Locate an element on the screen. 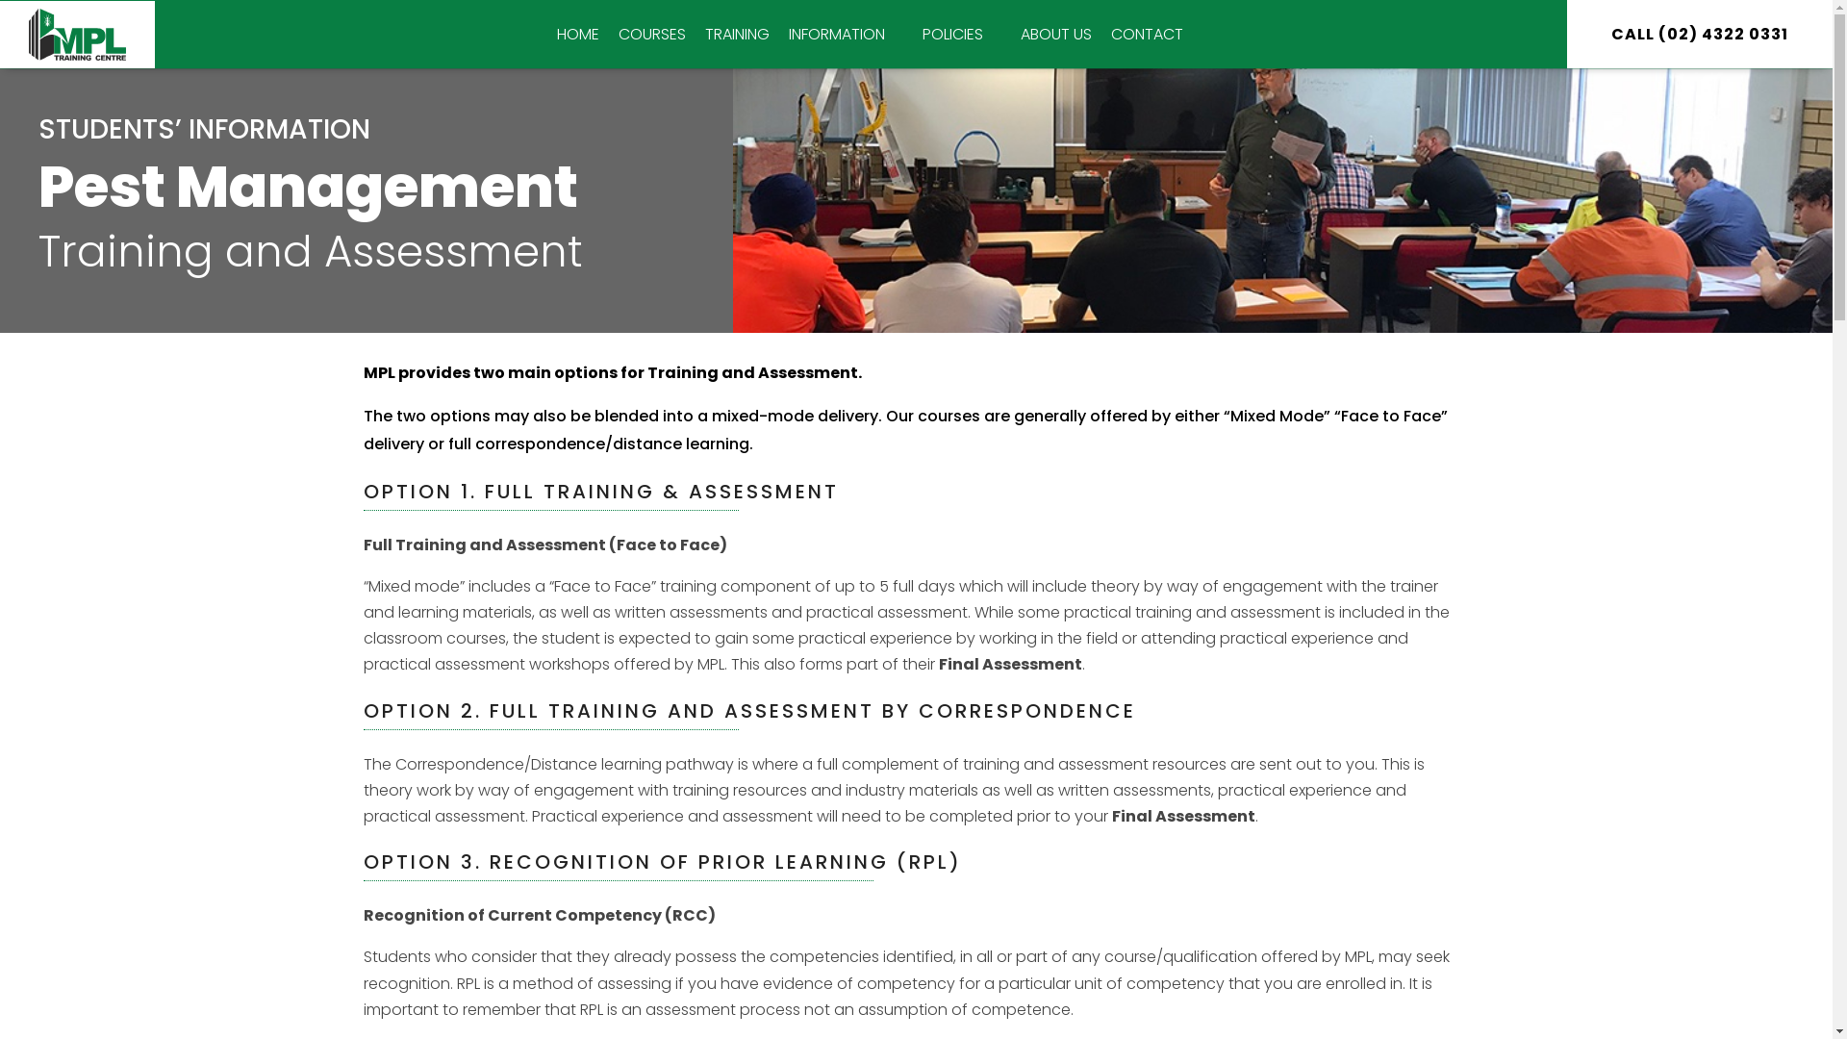 This screenshot has width=1847, height=1039. 'ABOUT US' is located at coordinates (1055, 34).